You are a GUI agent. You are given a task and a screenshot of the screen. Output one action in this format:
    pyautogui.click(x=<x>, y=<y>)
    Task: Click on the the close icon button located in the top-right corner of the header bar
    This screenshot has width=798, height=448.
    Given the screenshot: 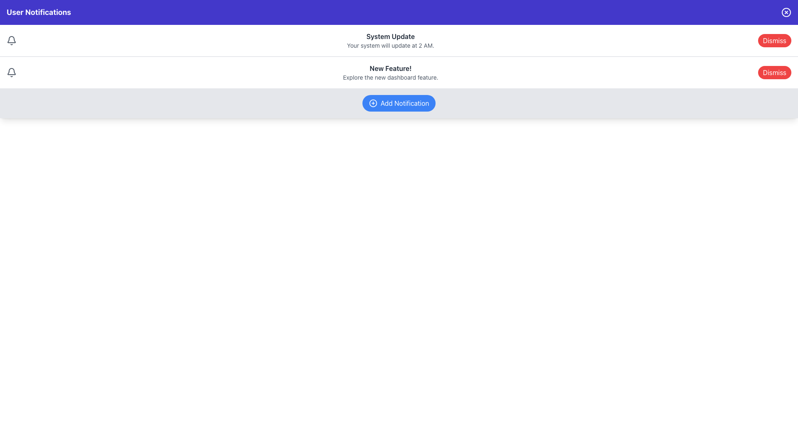 What is the action you would take?
    pyautogui.click(x=786, y=12)
    